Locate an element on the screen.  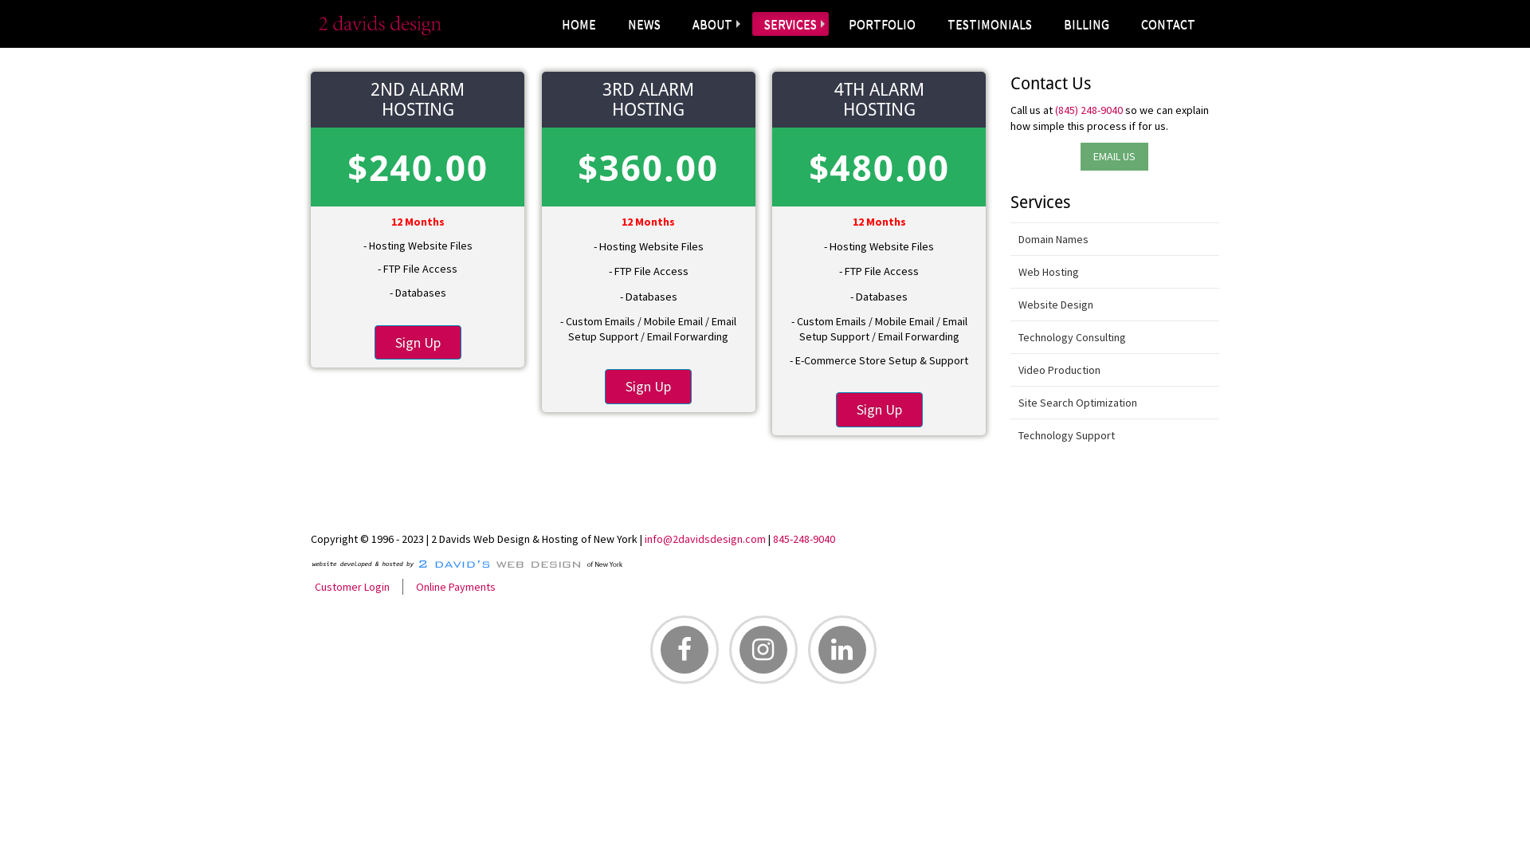
'HOME' is located at coordinates (578, 24).